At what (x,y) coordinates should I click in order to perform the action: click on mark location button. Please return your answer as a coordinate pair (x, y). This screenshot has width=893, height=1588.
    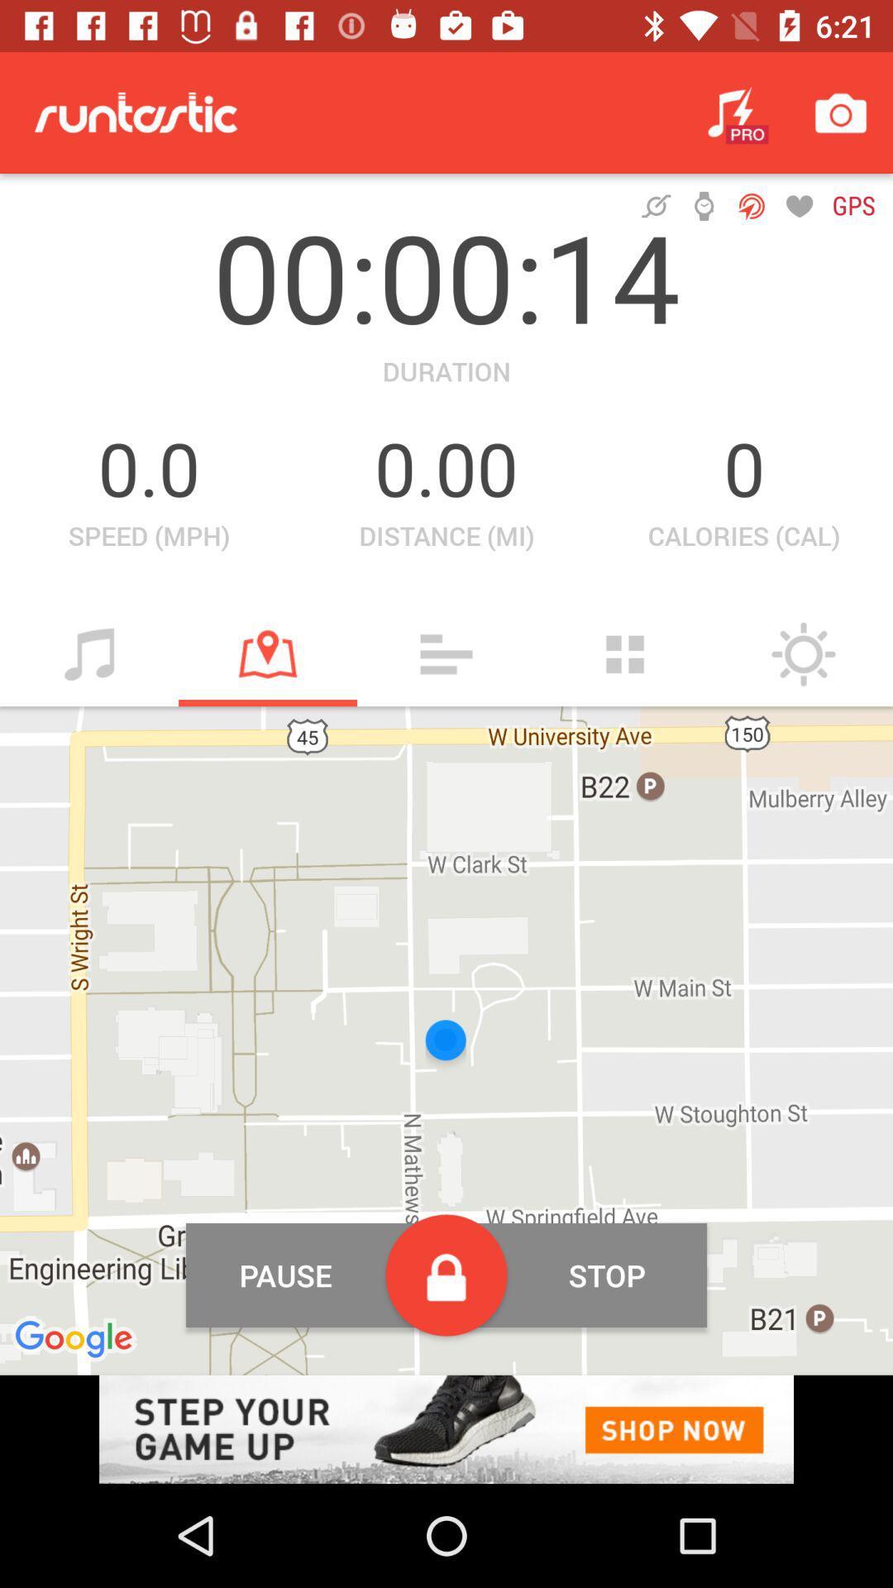
    Looking at the image, I should click on (267, 653).